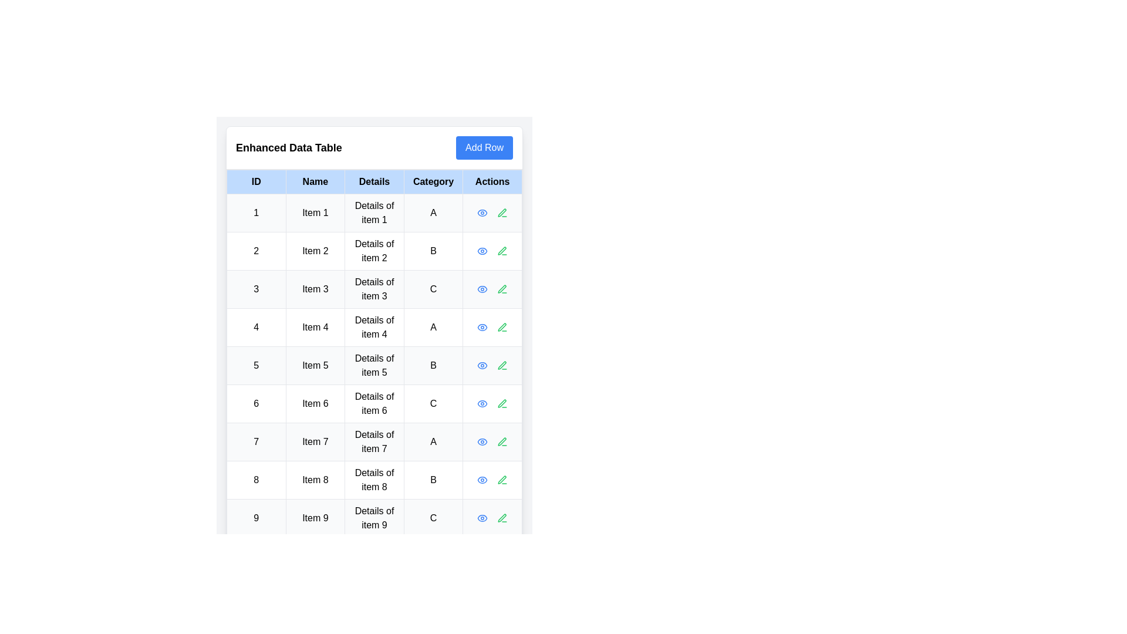 The height and width of the screenshot is (634, 1127). What do you see at coordinates (482, 480) in the screenshot?
I see `the blue eye icon located in the 'Actions' column of the eighth row of the data table` at bounding box center [482, 480].